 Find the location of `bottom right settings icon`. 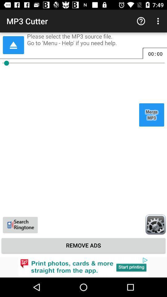

bottom right settings icon is located at coordinates (155, 224).